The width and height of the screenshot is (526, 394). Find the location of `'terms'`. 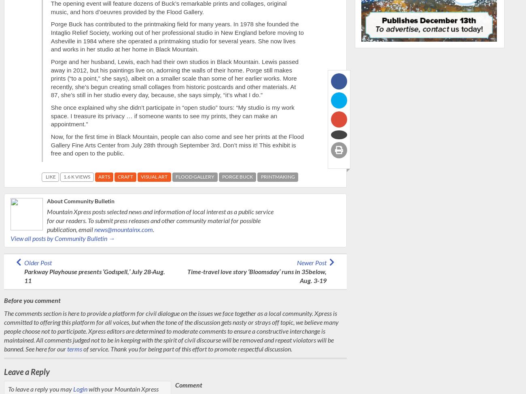

'terms' is located at coordinates (74, 348).